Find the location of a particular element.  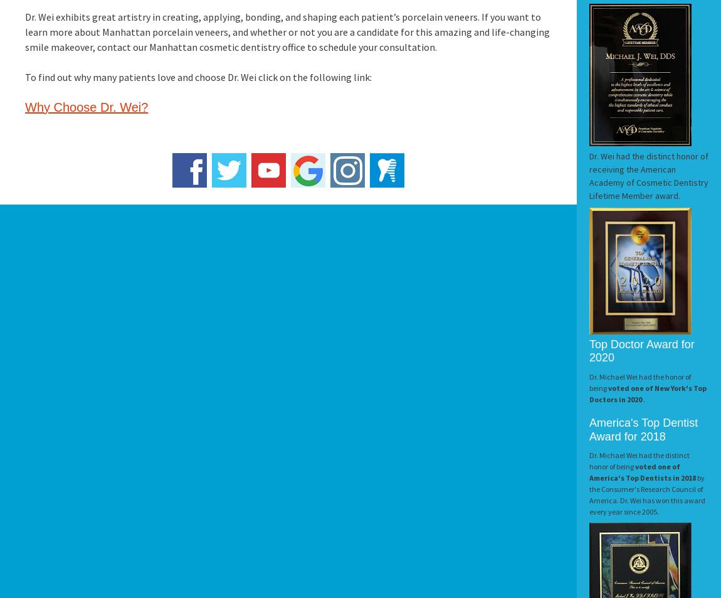

'voted one of America's Top Dentists in 2018' is located at coordinates (643, 472).